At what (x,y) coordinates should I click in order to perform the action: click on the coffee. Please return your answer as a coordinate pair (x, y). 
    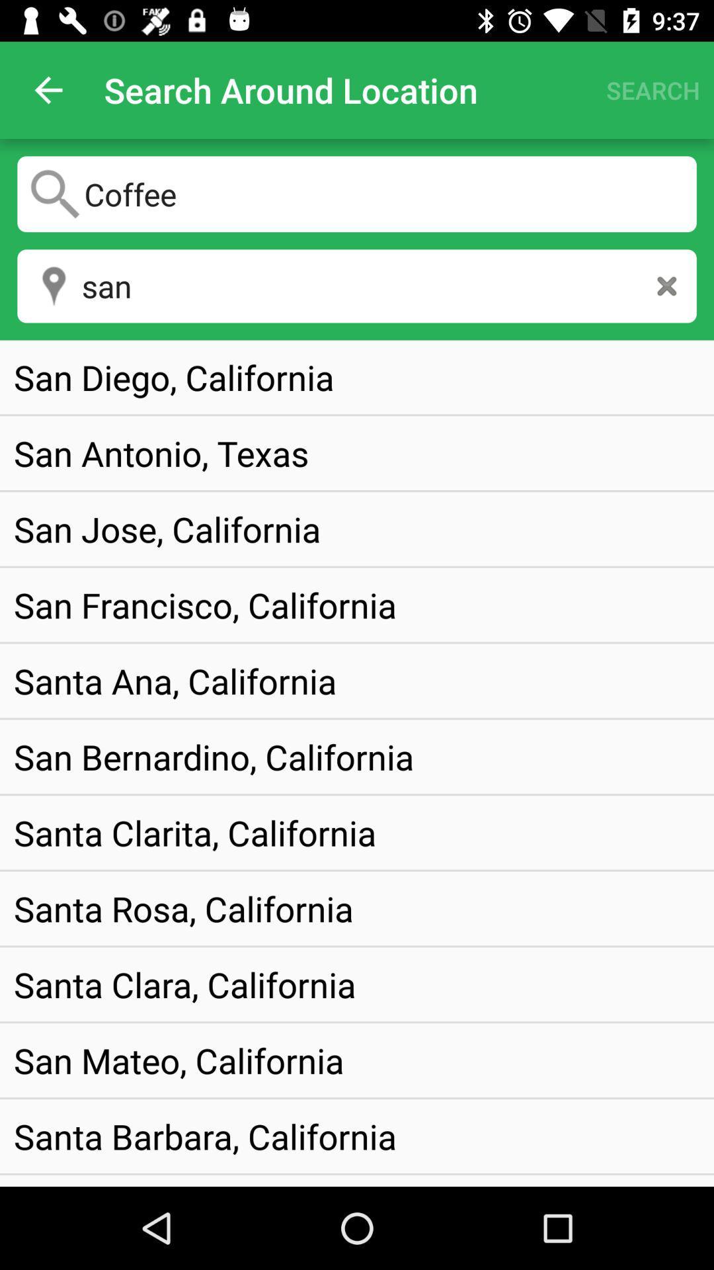
    Looking at the image, I should click on (357, 193).